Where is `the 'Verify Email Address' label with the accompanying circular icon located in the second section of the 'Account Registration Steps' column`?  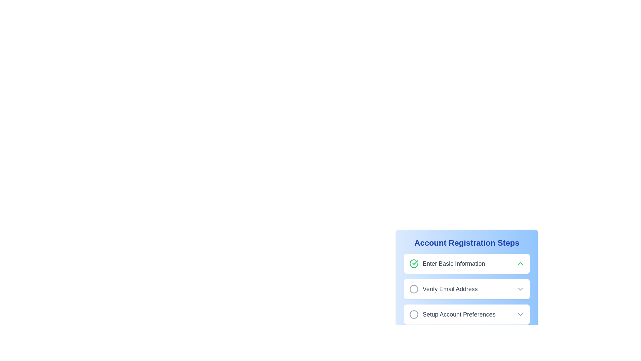 the 'Verify Email Address' label with the accompanying circular icon located in the second section of the 'Account Registration Steps' column is located at coordinates (443, 288).